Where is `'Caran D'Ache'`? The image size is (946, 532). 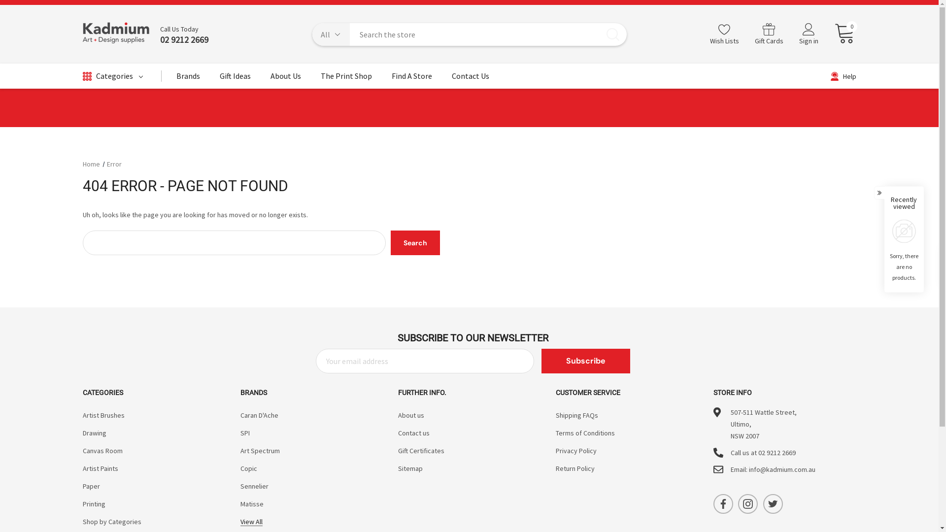
'Caran D'Ache' is located at coordinates (259, 415).